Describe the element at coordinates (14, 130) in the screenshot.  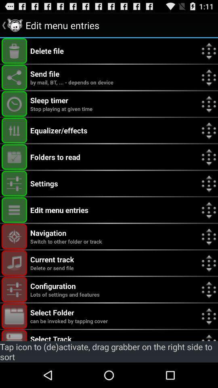
I see `equalizer option` at that location.